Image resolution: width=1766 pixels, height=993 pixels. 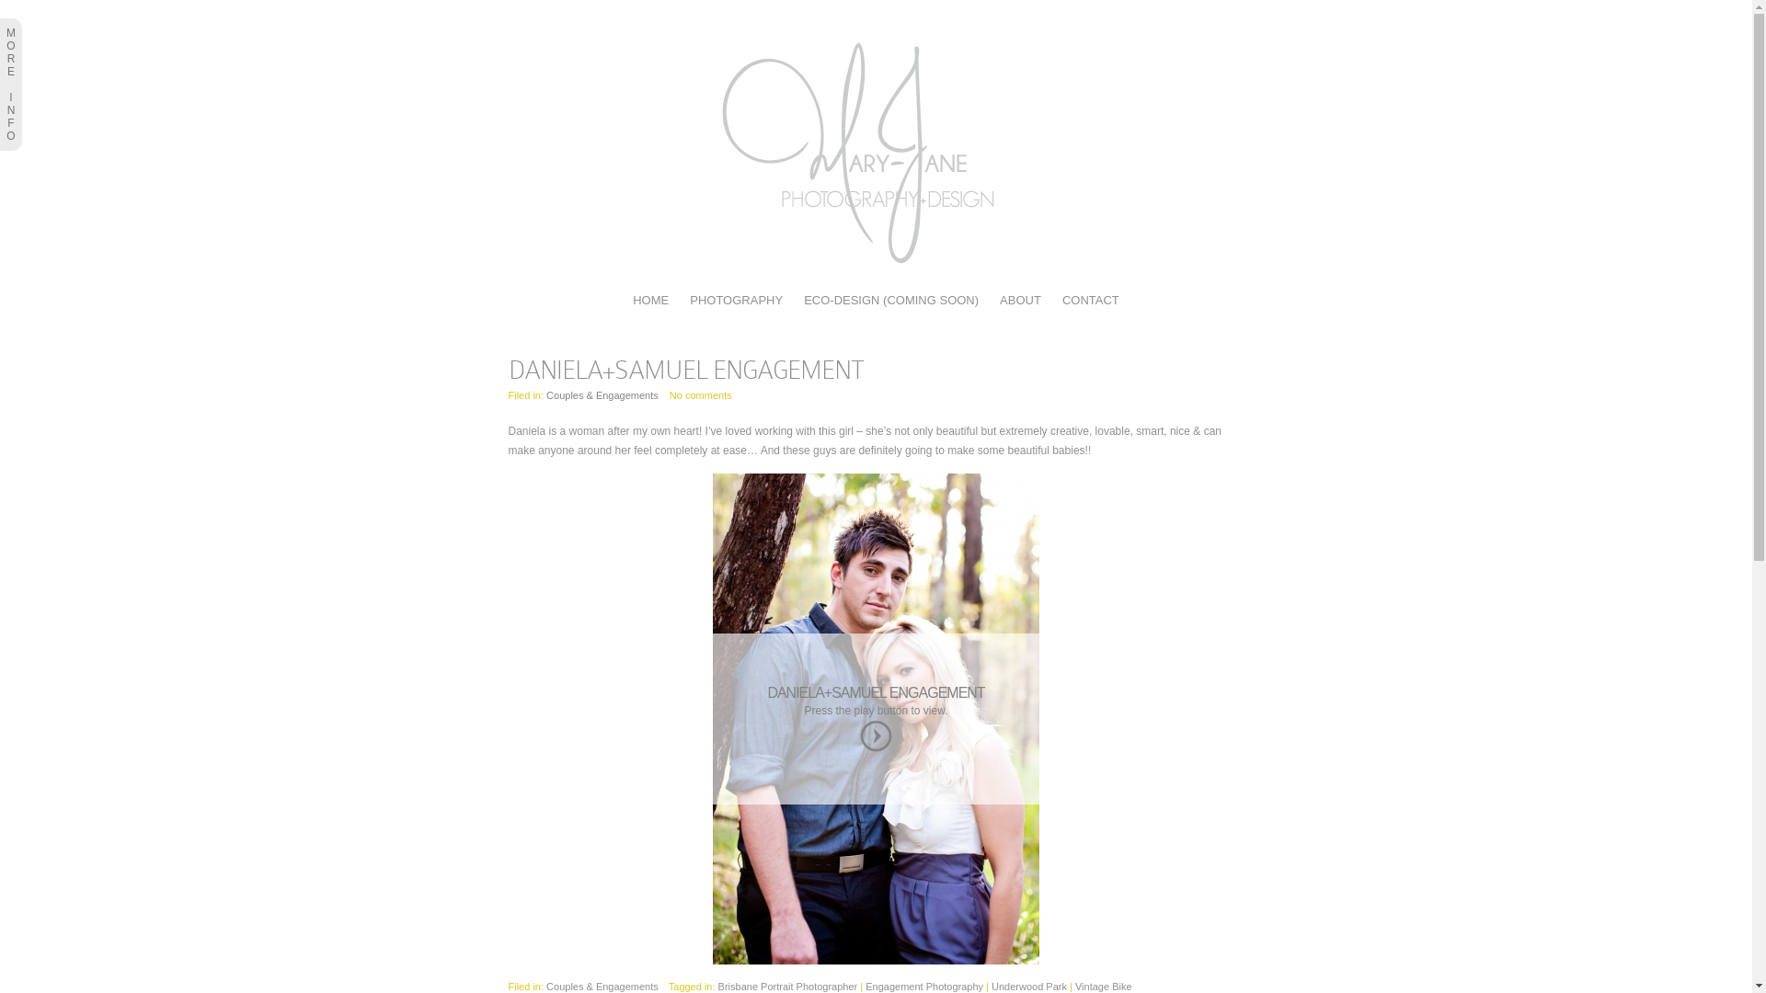 I want to click on 'HOME', so click(x=650, y=299).